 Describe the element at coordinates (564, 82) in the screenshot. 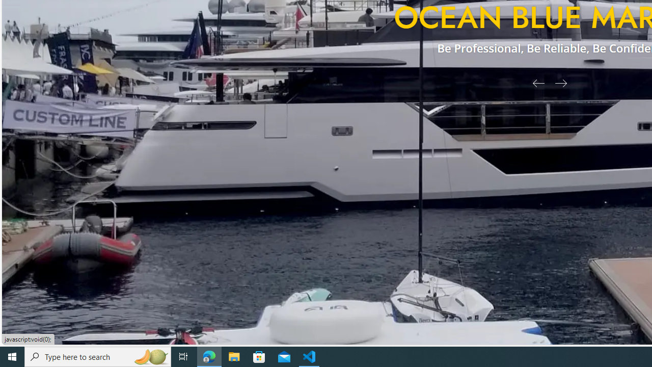

I see `'Next Slide'` at that location.